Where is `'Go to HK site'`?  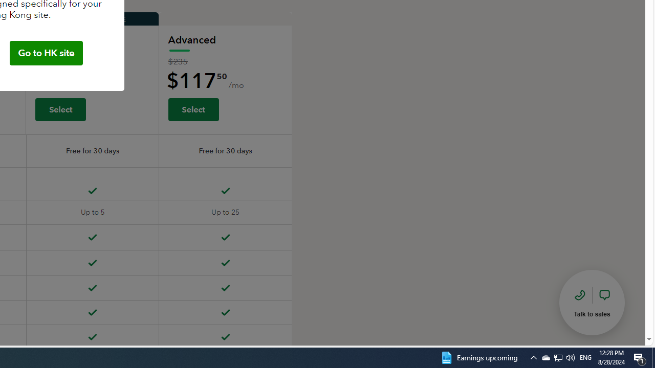 'Go to HK site' is located at coordinates (46, 53).